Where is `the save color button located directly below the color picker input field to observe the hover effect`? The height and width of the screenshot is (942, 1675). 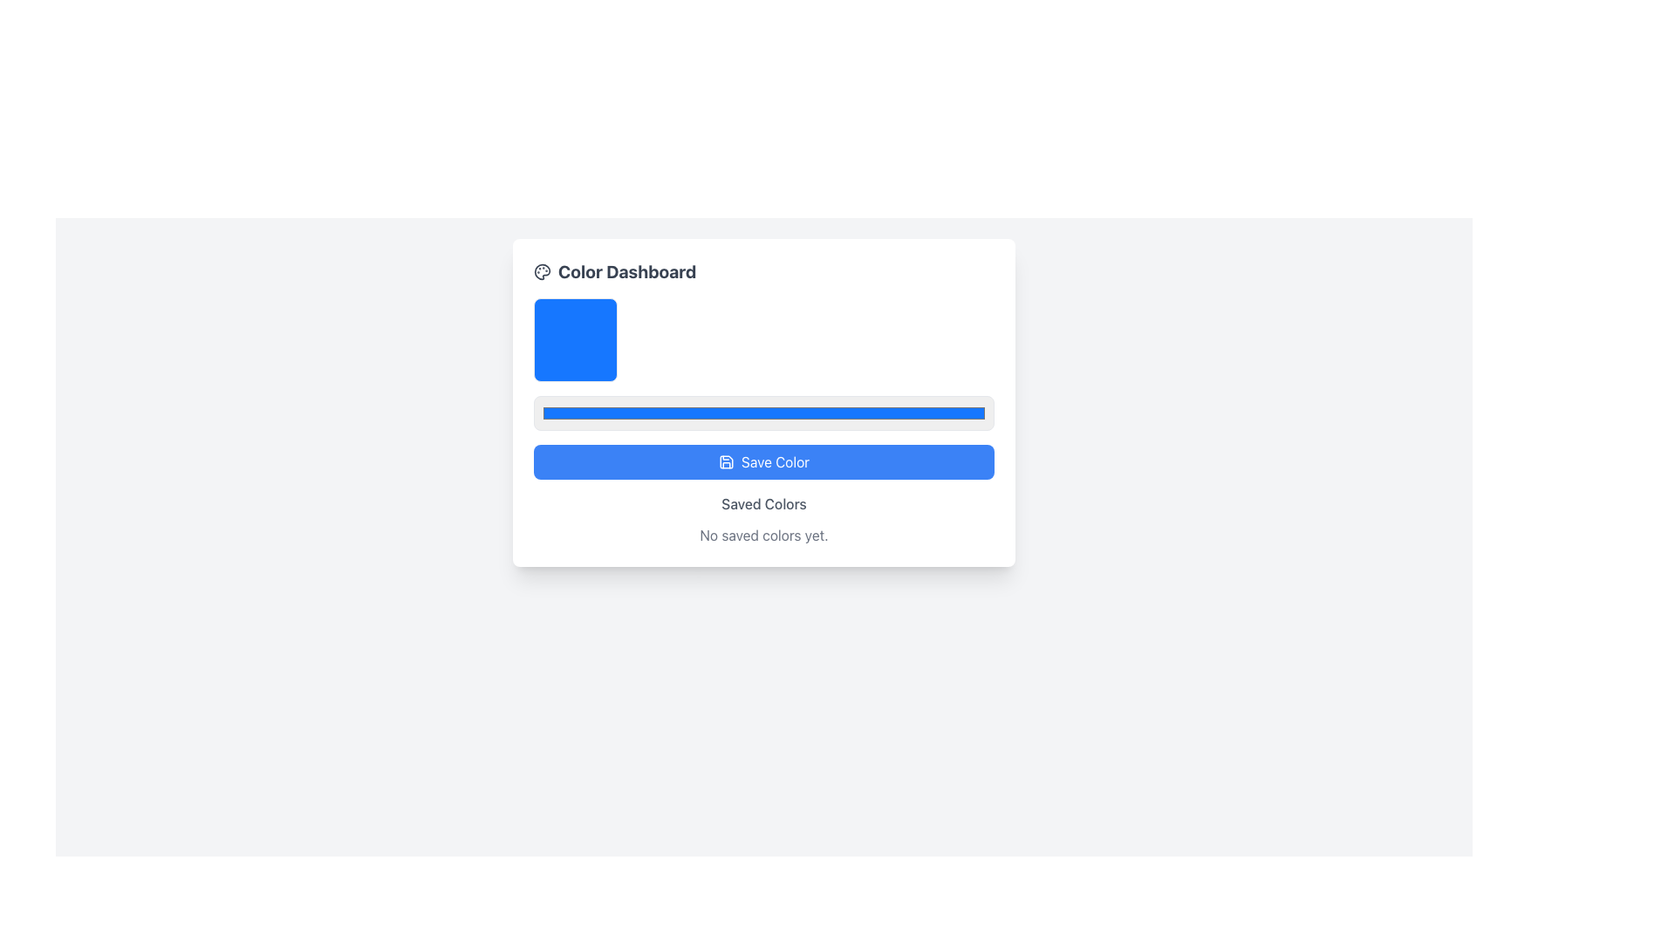 the save color button located directly below the color picker input field to observe the hover effect is located at coordinates (763, 461).